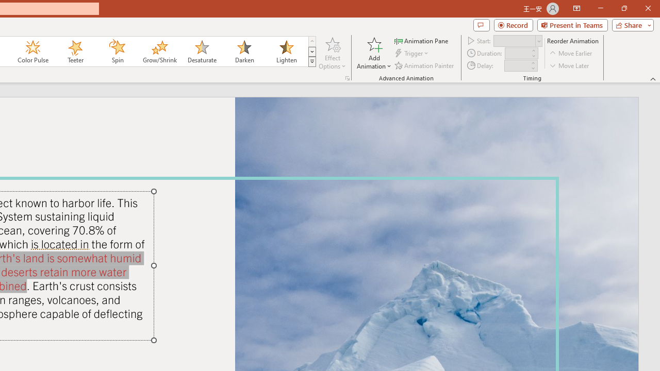  Describe the element at coordinates (33, 52) in the screenshot. I see `'Color Pulse'` at that location.